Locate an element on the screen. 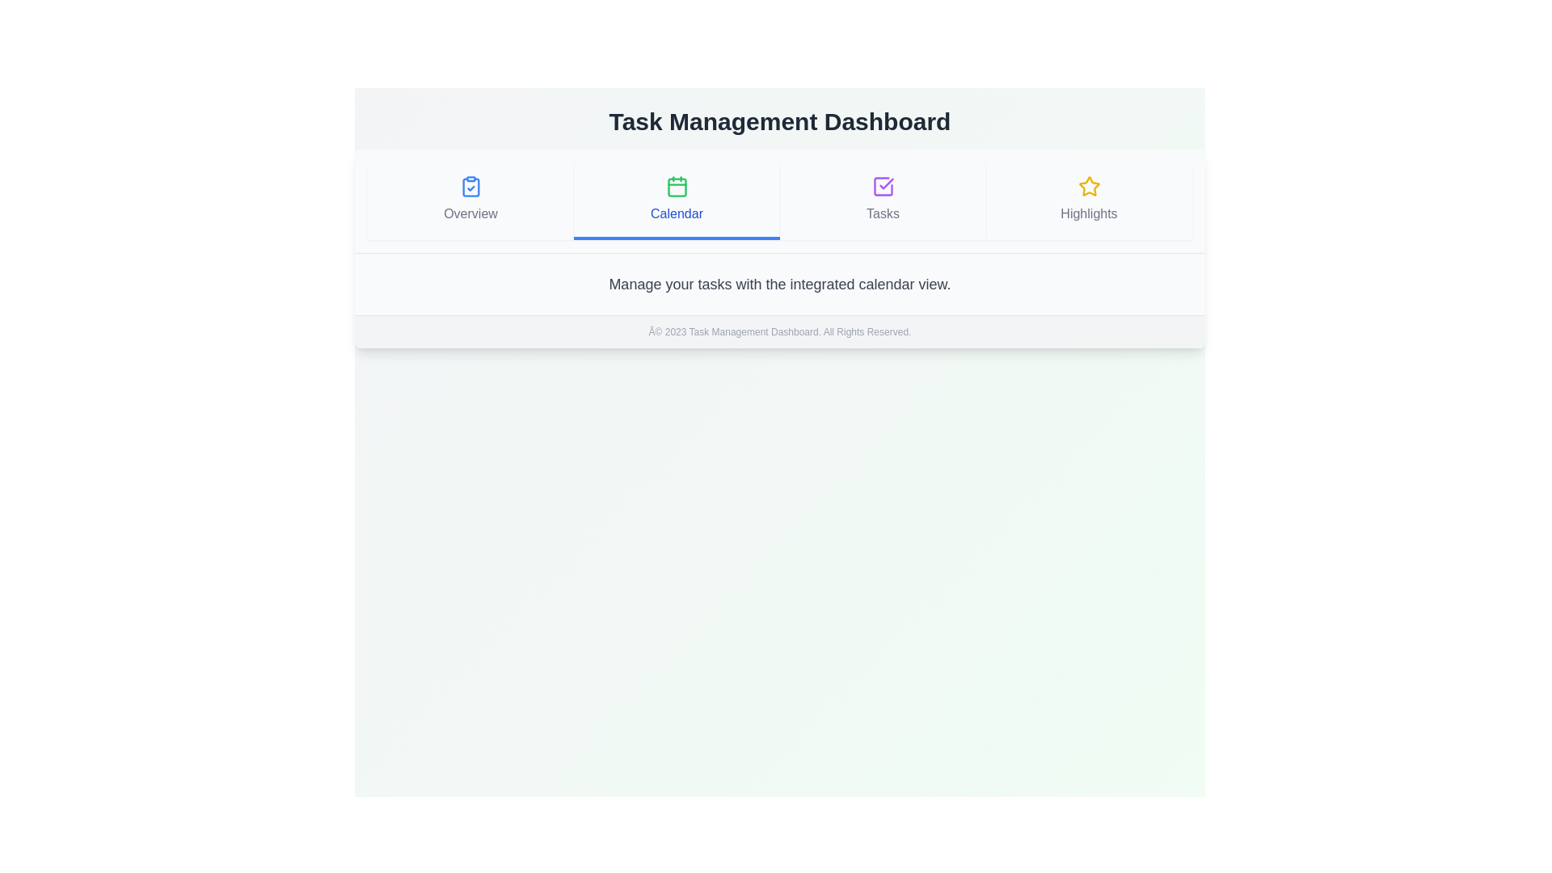 The image size is (1552, 873). the descriptive text label located directly beneath the navigation bar, which explains the functionality of the integrated calendar view is located at coordinates (779, 283).